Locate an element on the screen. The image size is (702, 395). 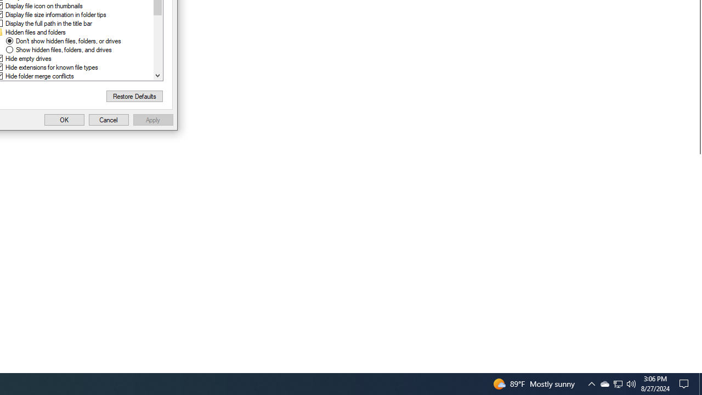
'Apply' is located at coordinates (152, 120).